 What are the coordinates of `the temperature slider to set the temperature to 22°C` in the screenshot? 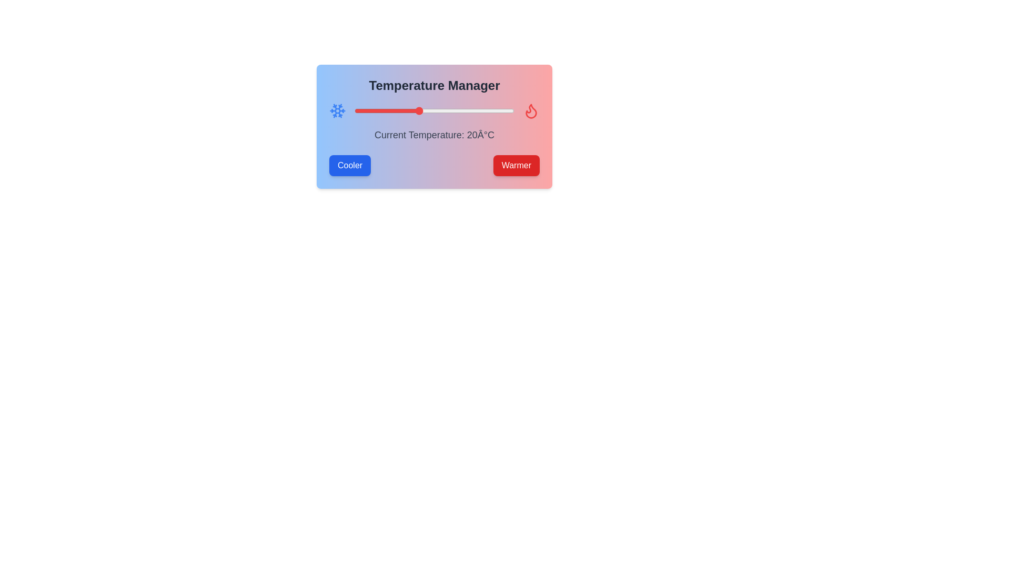 It's located at (425, 111).